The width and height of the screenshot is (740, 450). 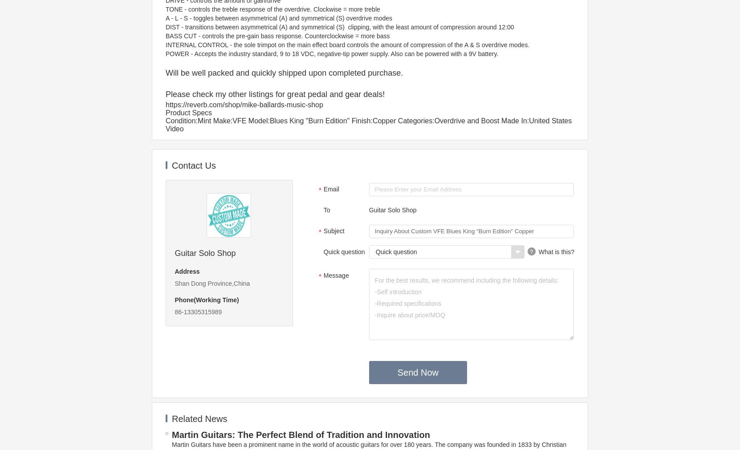 I want to click on 'INTERNAL CONTROL - the sole trimpot on the main effect board controls the amount of compression of the A & S overdrive modes.', so click(x=348, y=44).